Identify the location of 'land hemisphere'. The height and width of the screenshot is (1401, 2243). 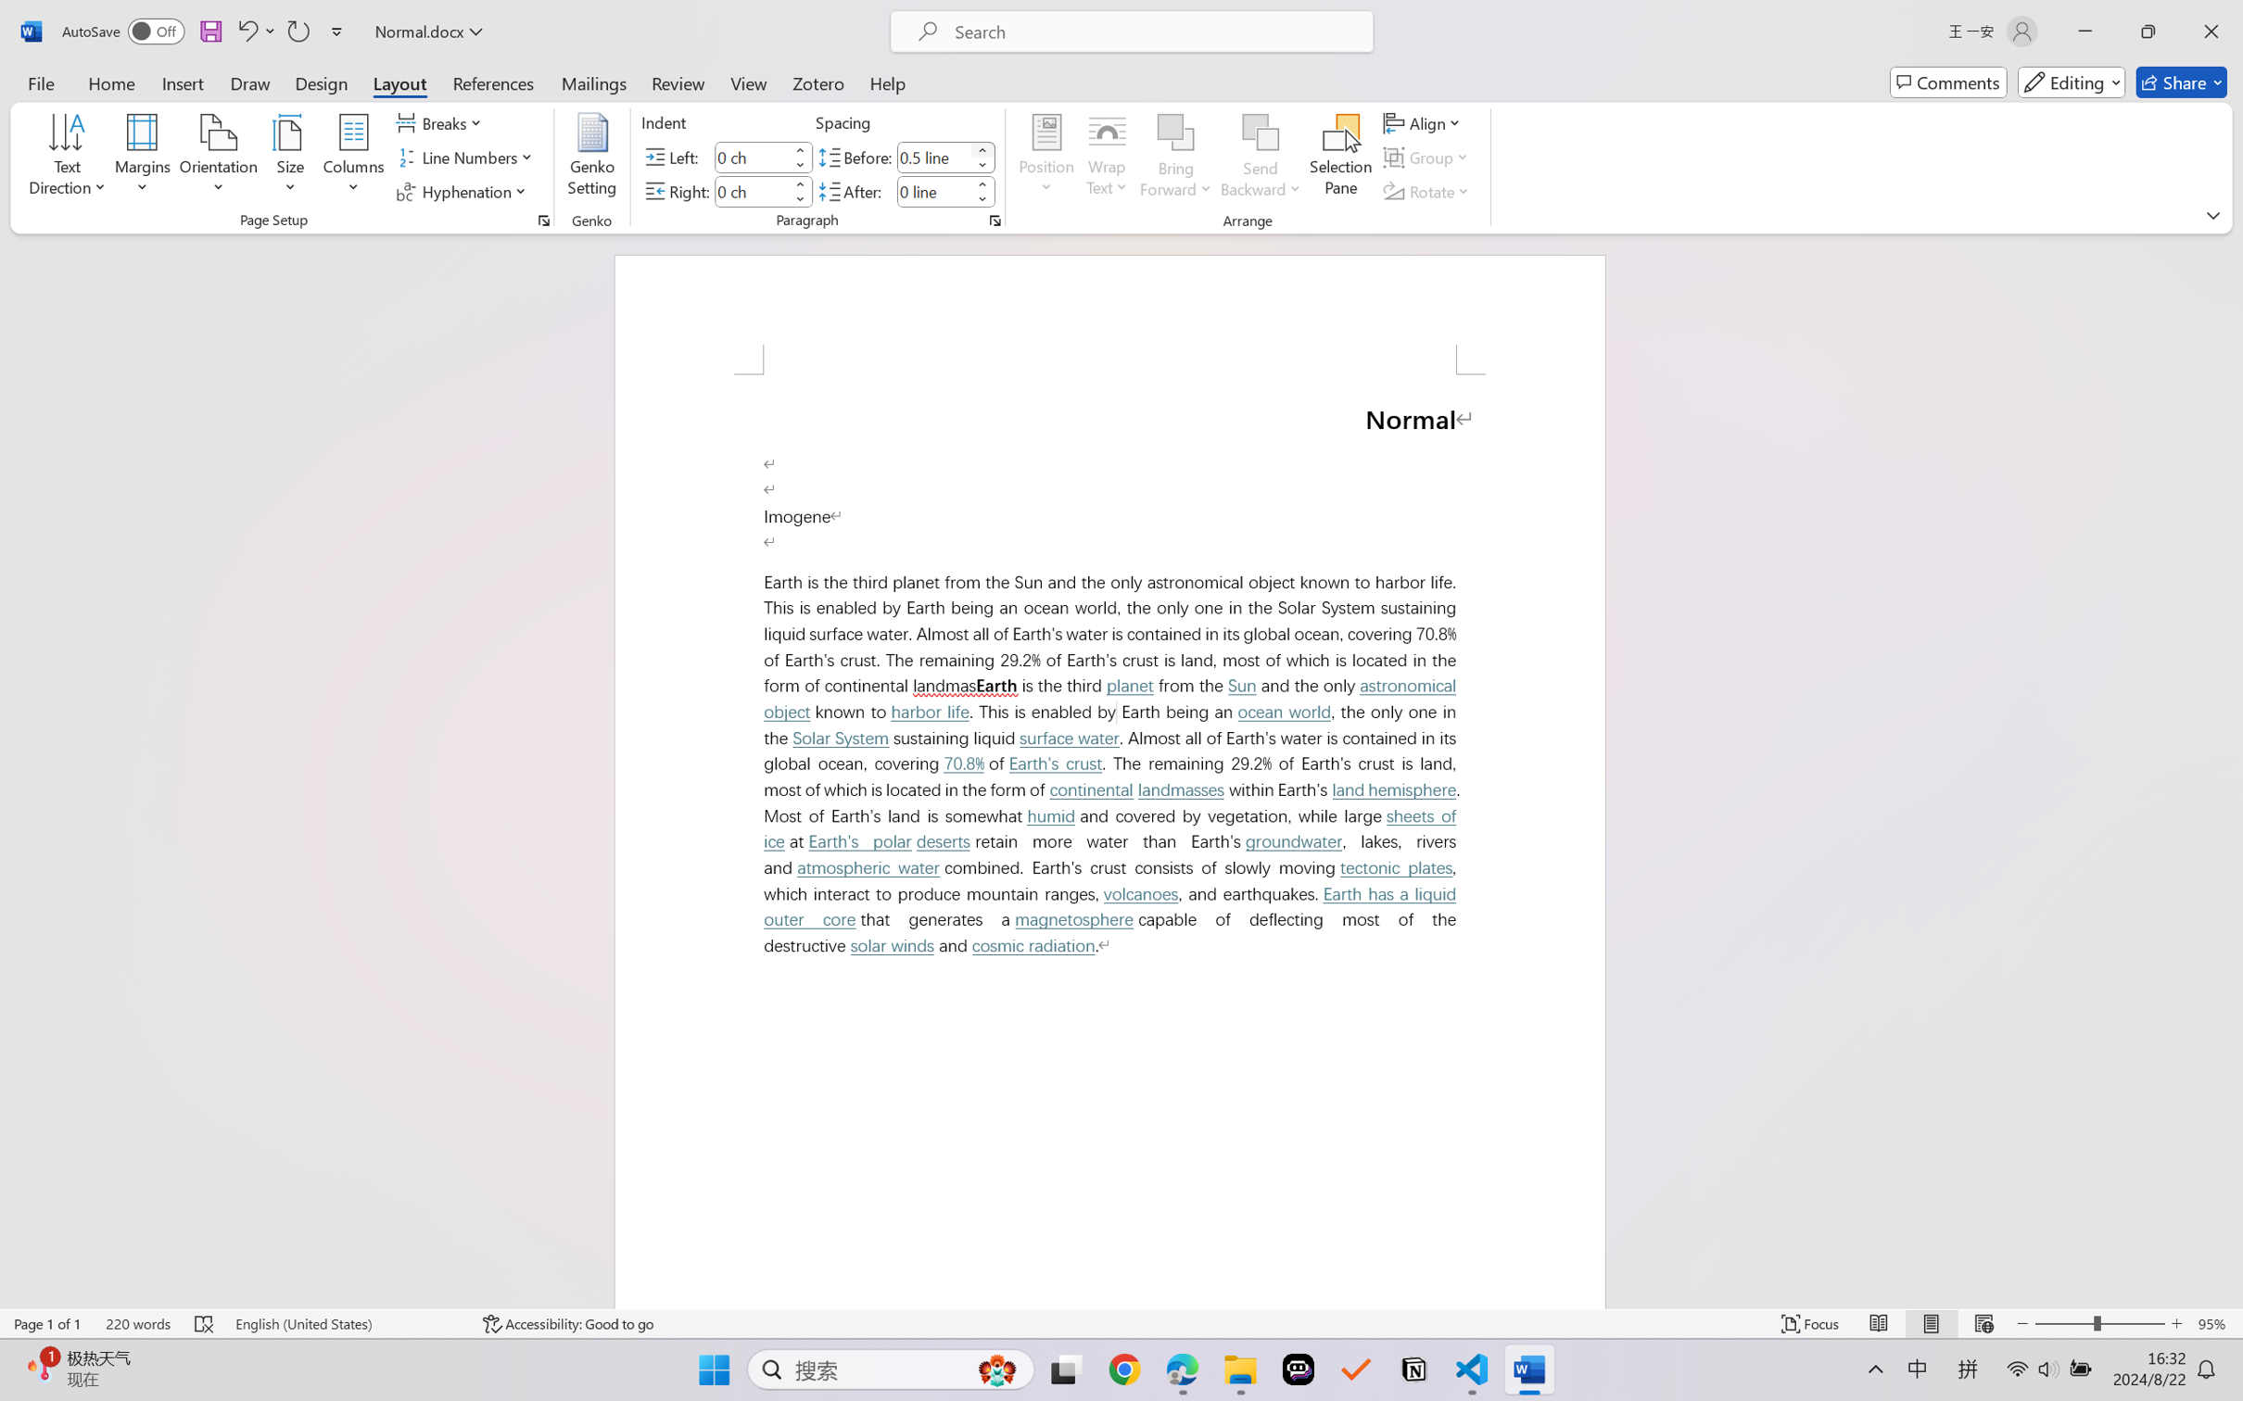
(1394, 789).